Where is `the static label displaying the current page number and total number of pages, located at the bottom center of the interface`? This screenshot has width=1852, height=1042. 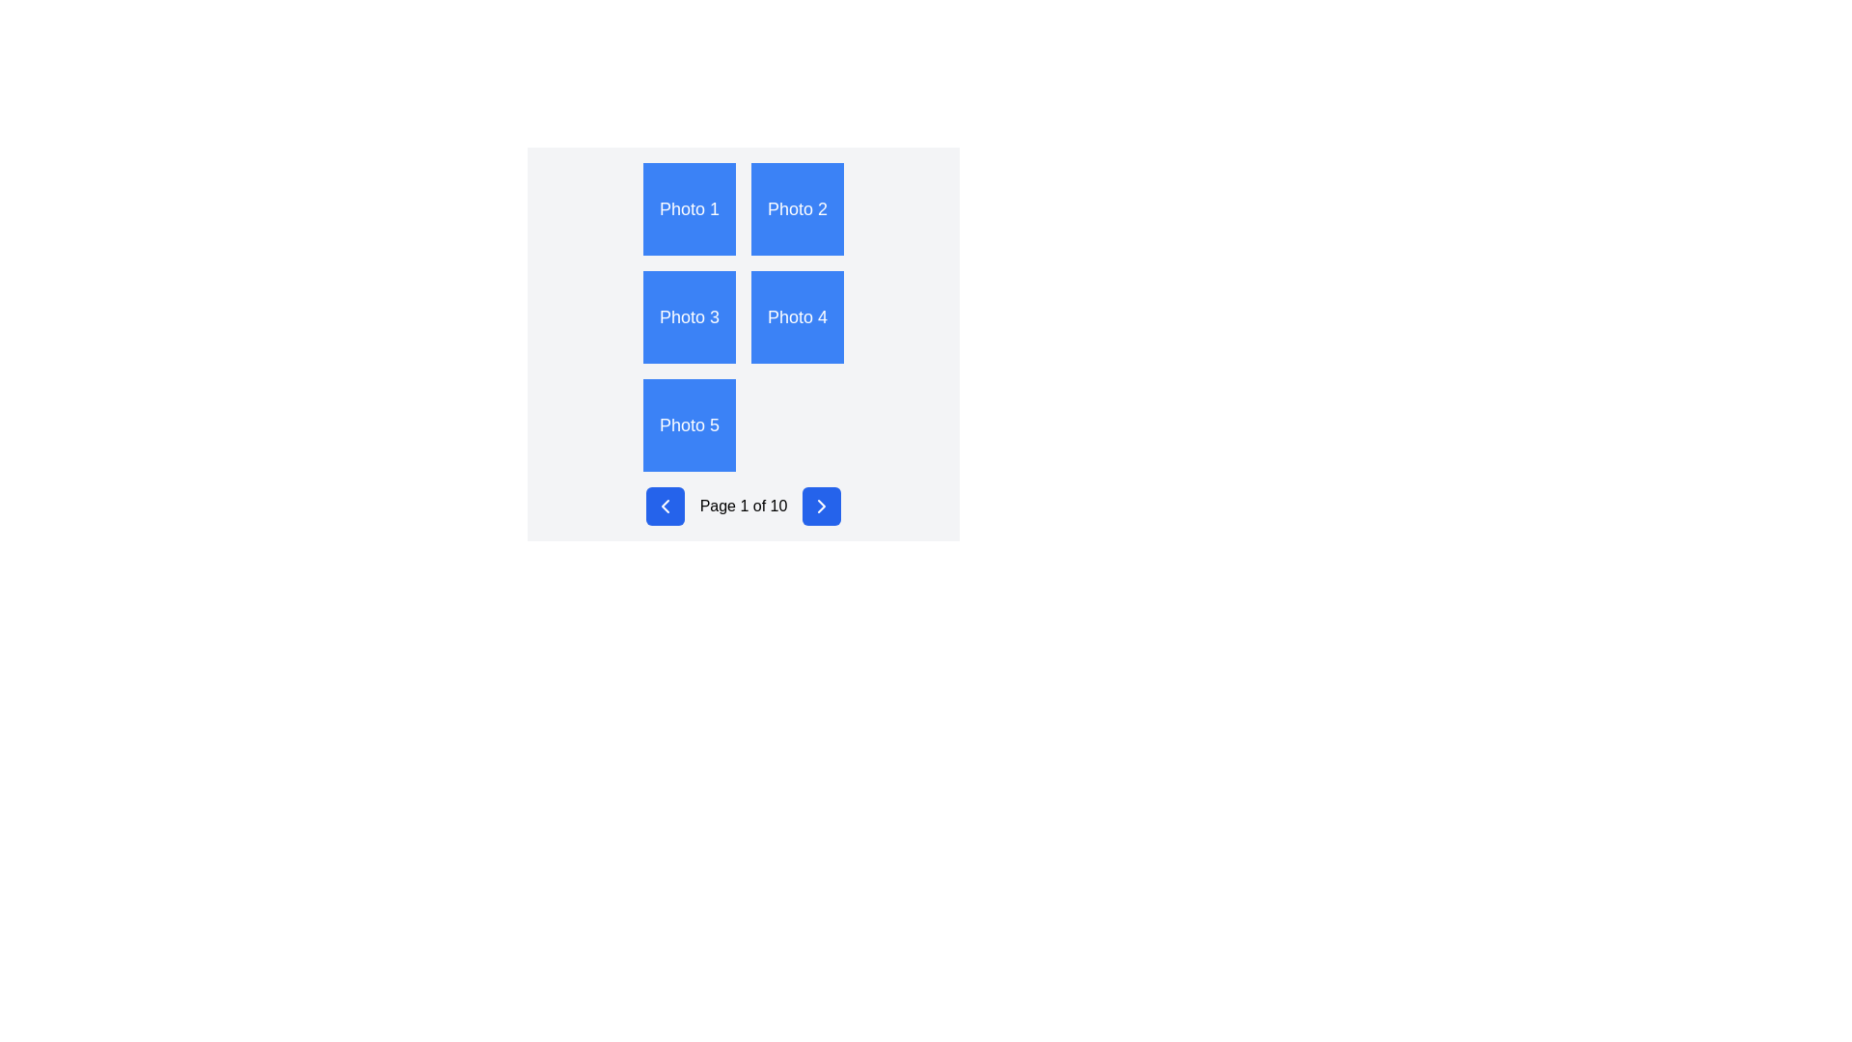 the static label displaying the current page number and total number of pages, located at the bottom center of the interface is located at coordinates (743, 505).